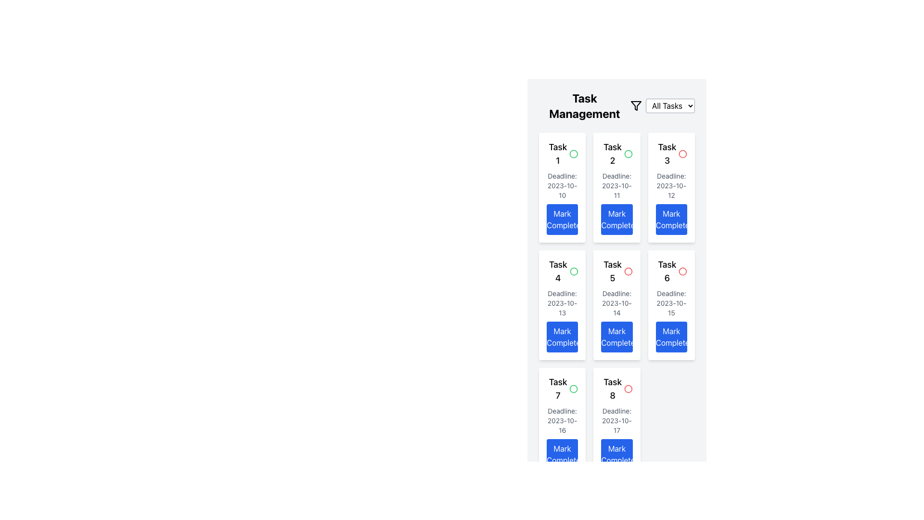  I want to click on the text element displaying 'Deadline: 2023-10-11', which is positioned below the title 'Task 2' and above the 'Mark Completed' button within a white card, so click(616, 185).